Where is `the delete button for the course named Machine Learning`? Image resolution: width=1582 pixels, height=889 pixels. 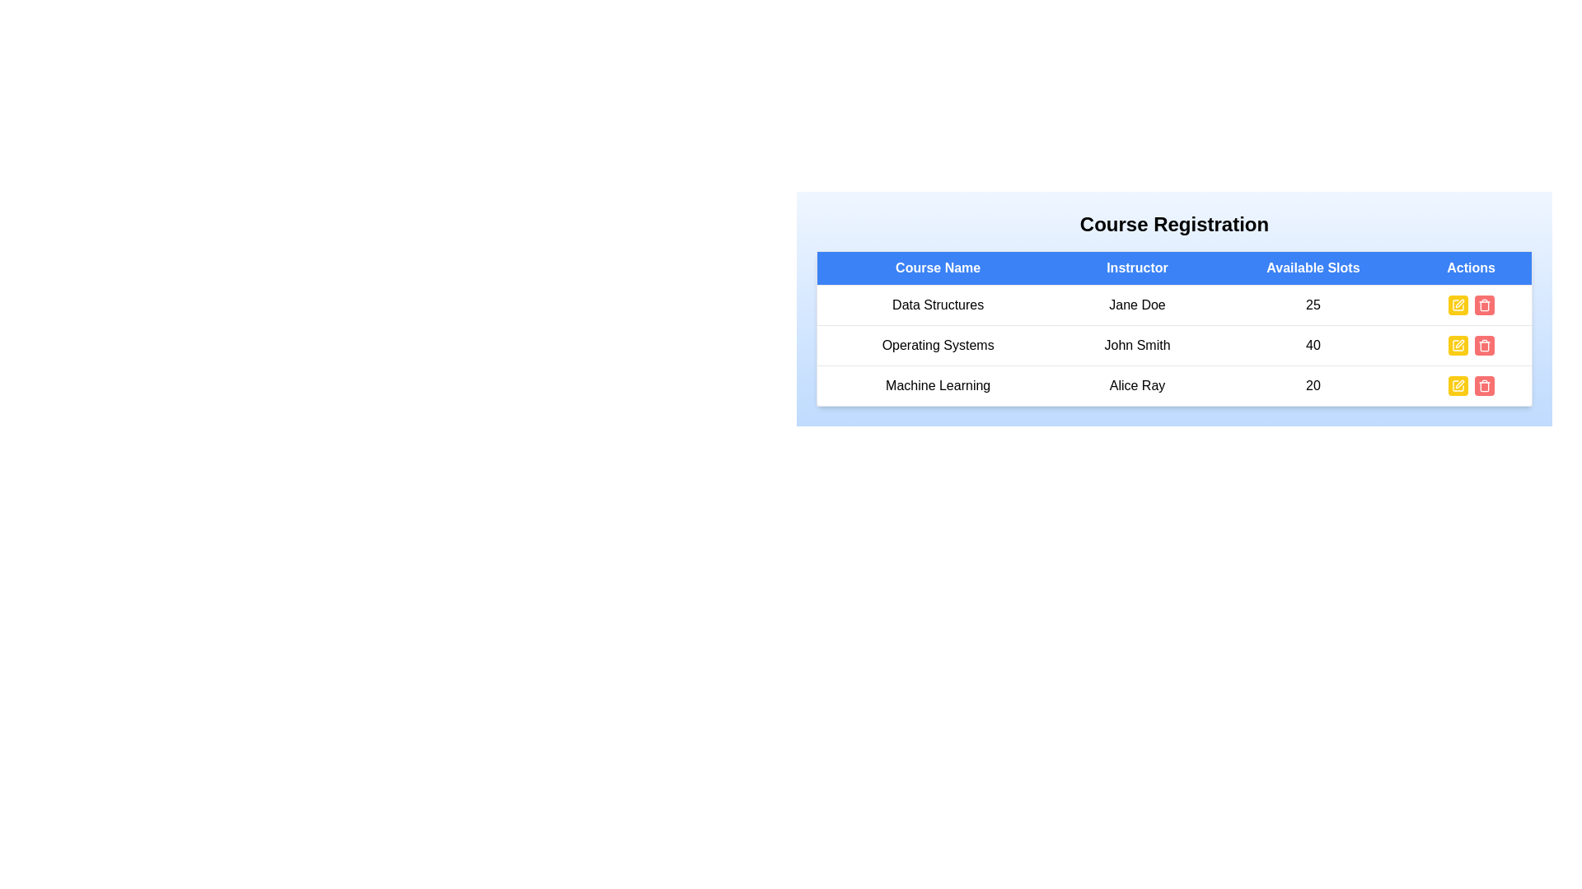 the delete button for the course named Machine Learning is located at coordinates (1484, 386).